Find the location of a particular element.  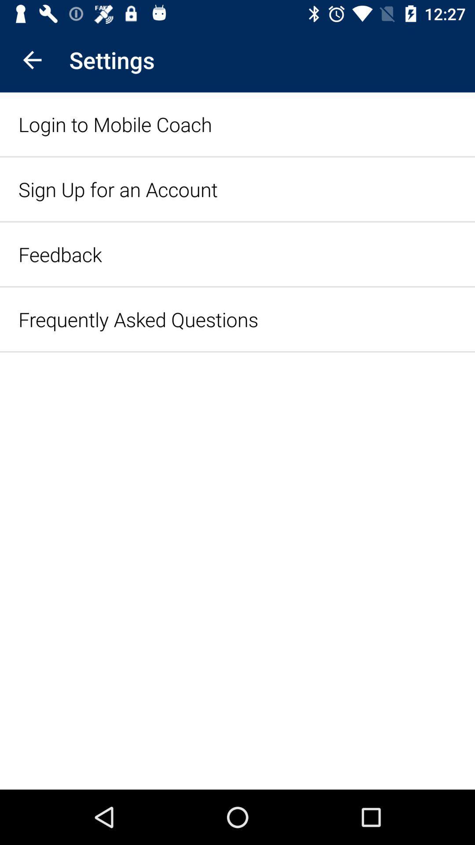

the item above sign up for is located at coordinates (115, 124).